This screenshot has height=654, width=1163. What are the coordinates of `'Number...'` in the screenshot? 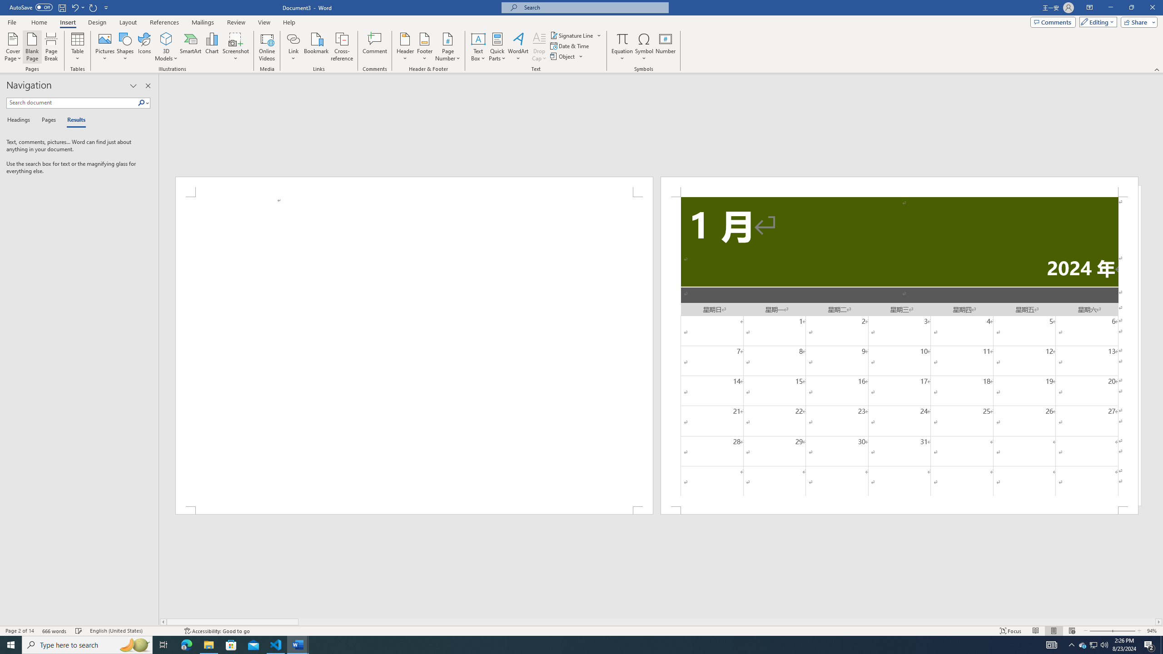 It's located at (665, 47).